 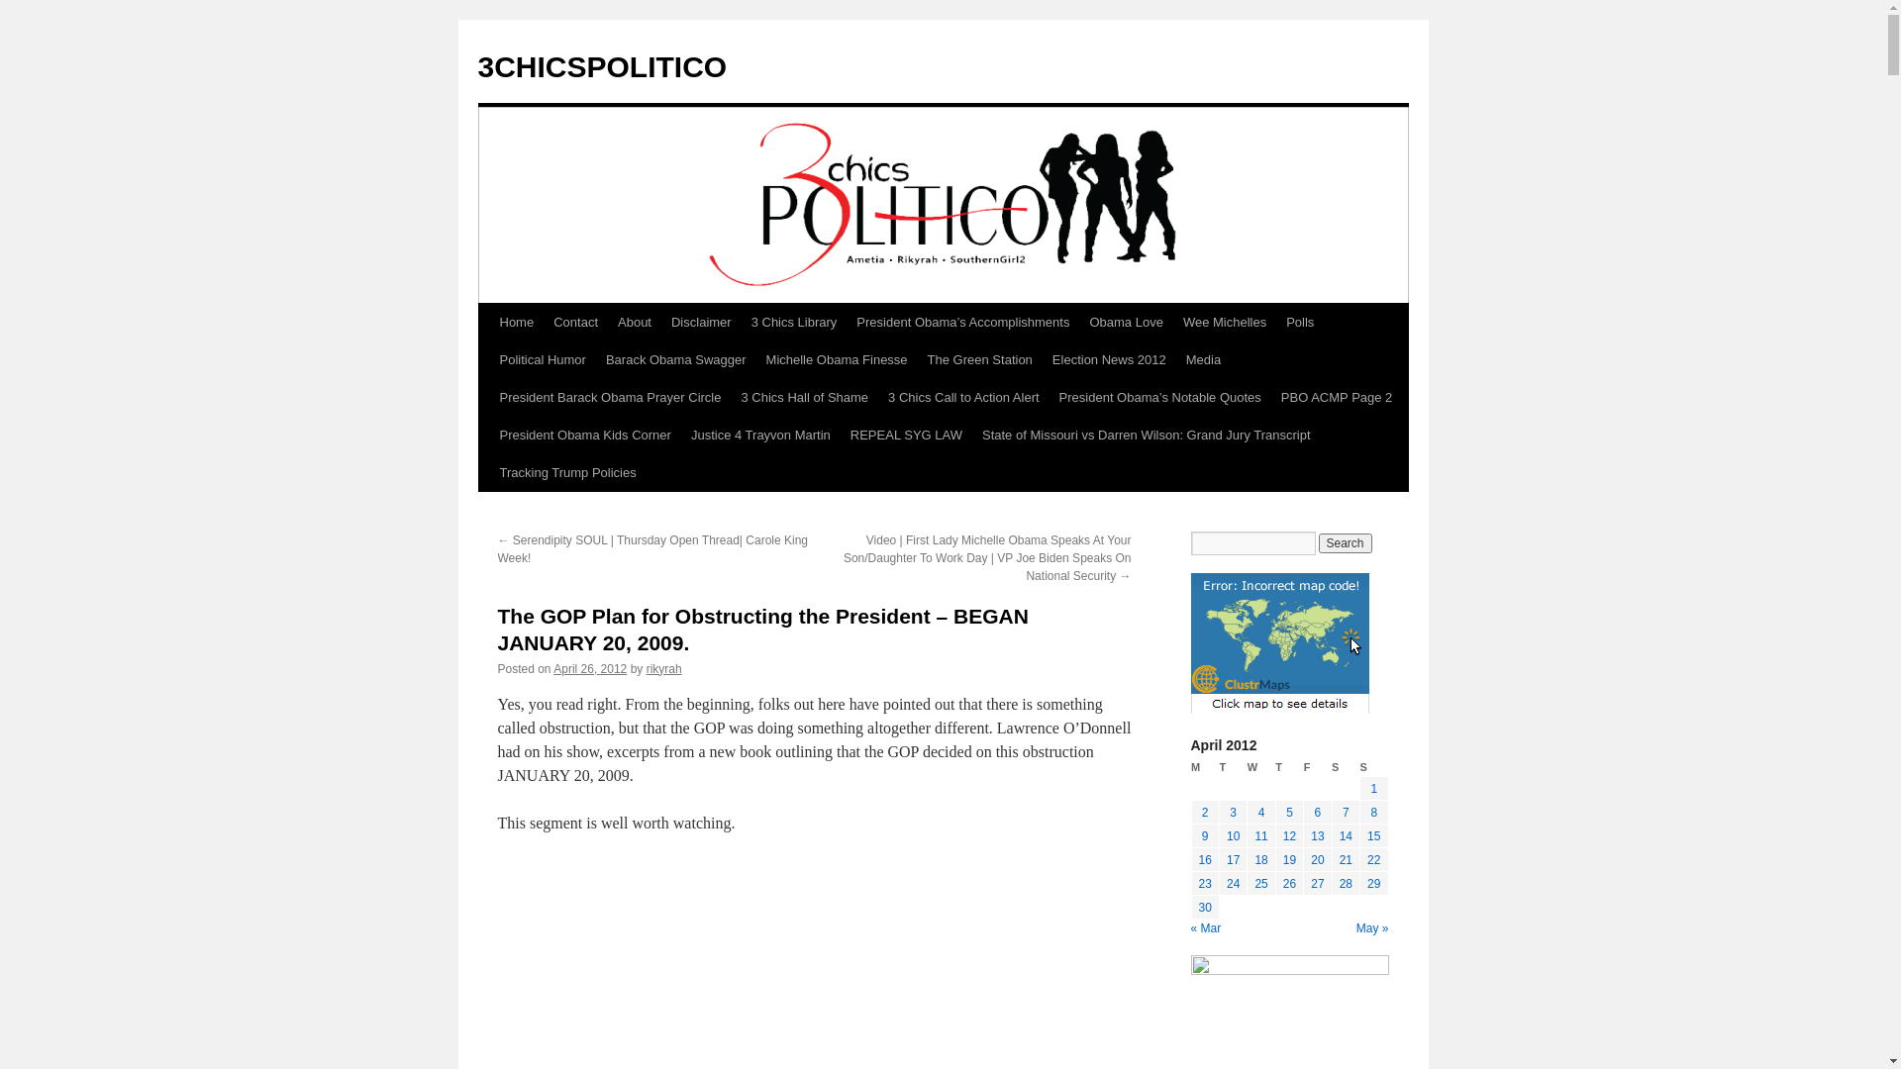 I want to click on 'April 26, 2012', so click(x=552, y=668).